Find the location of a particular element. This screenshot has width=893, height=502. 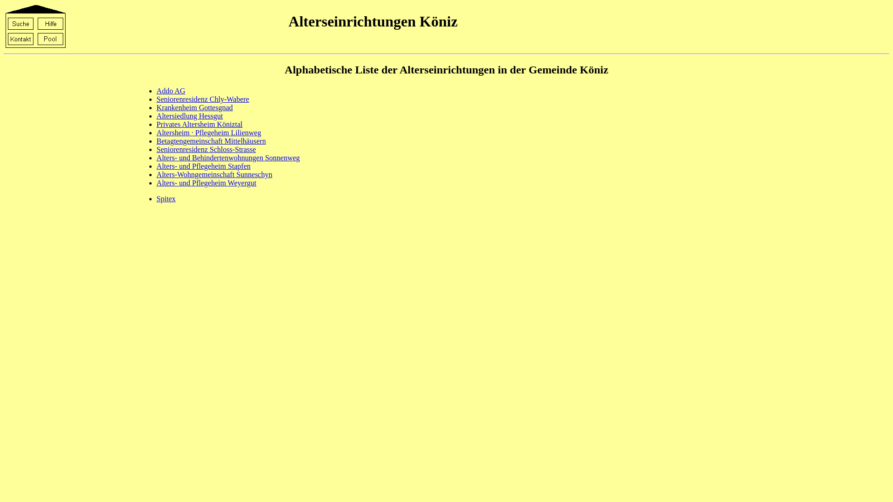

'Krankenheim Gottesgnad' is located at coordinates (194, 107).